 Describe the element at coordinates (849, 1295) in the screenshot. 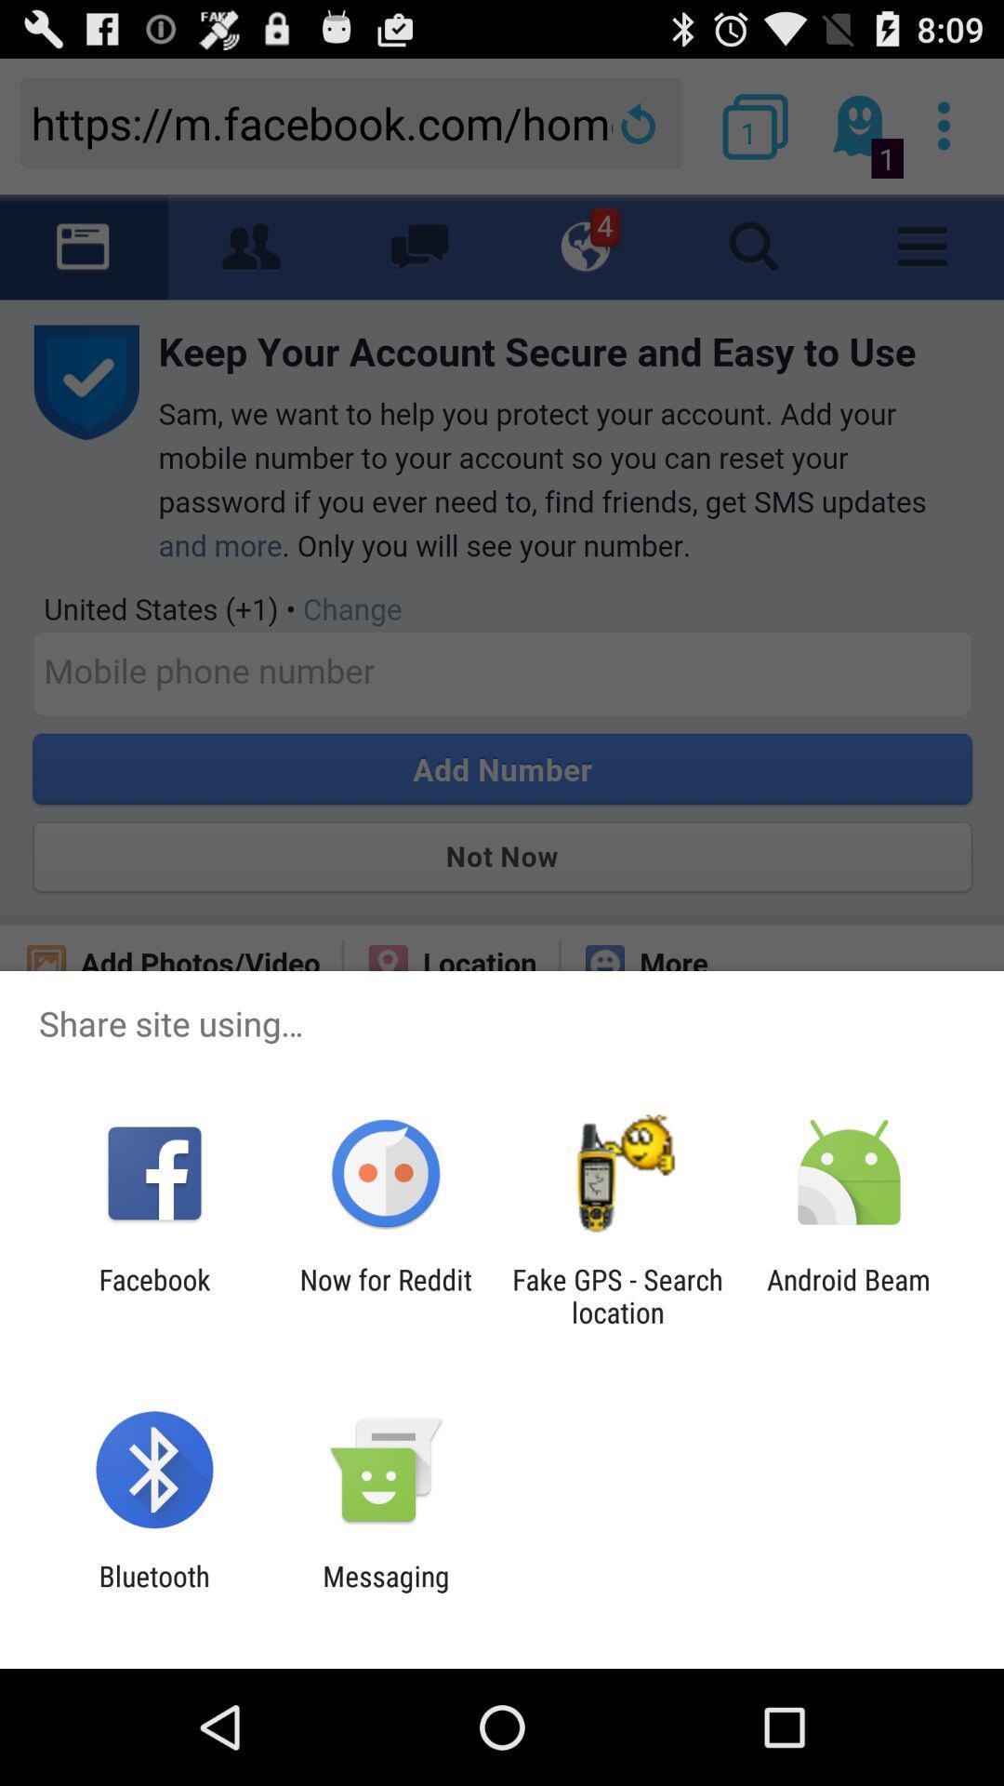

I see `android beam app` at that location.